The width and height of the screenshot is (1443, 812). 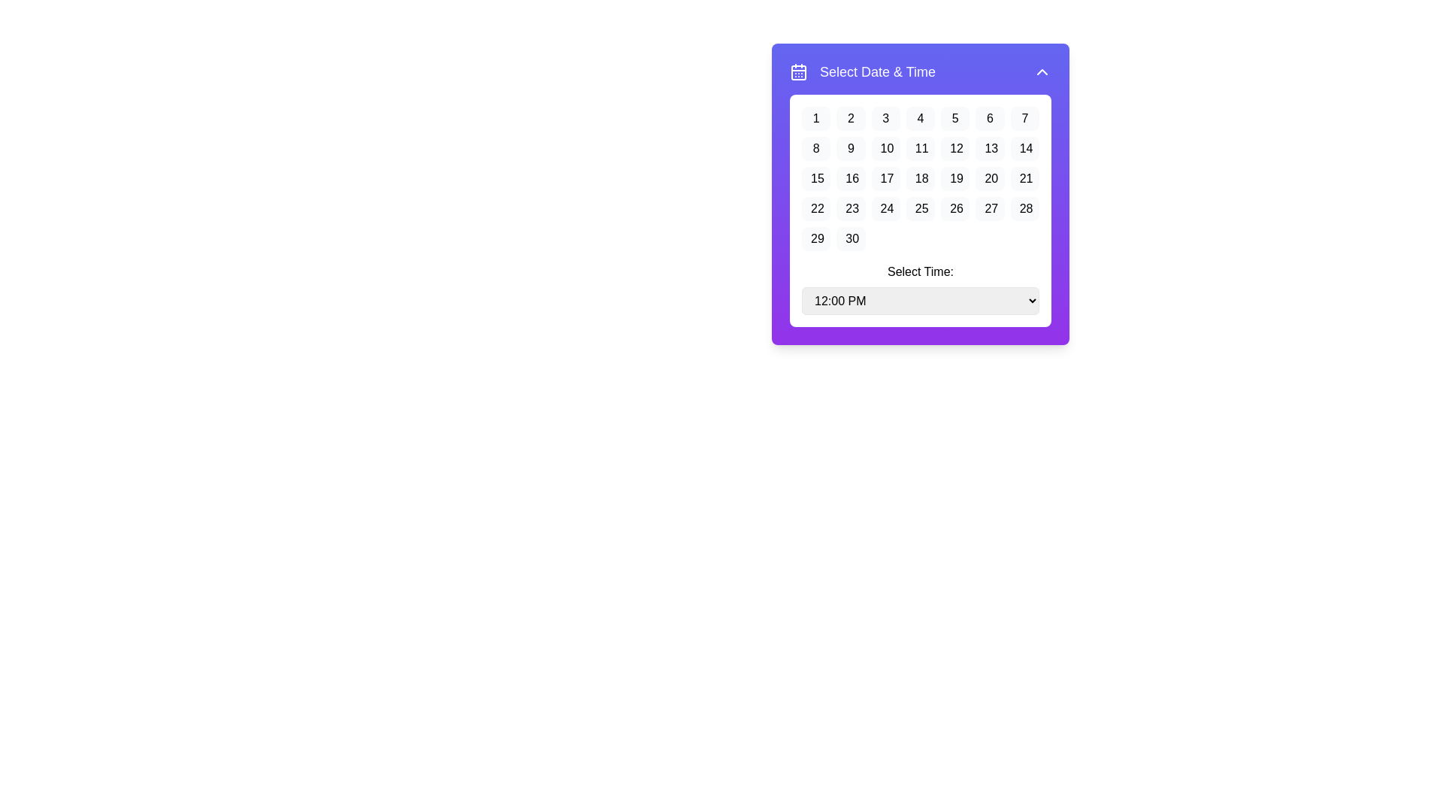 What do you see at coordinates (797, 72) in the screenshot?
I see `the calendar icon with a purple background and white details, located to the left of the text 'Select Date & Time' in the header section of the calendar and time selection widget` at bounding box center [797, 72].